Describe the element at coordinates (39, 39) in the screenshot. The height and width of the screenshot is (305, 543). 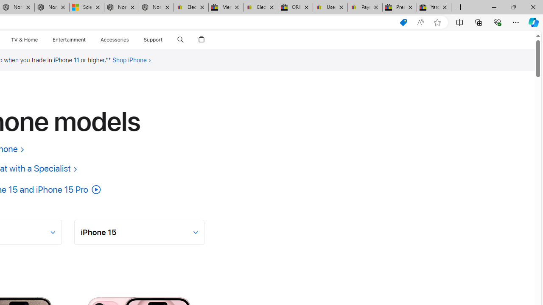
I see `'TV and Home menu'` at that location.